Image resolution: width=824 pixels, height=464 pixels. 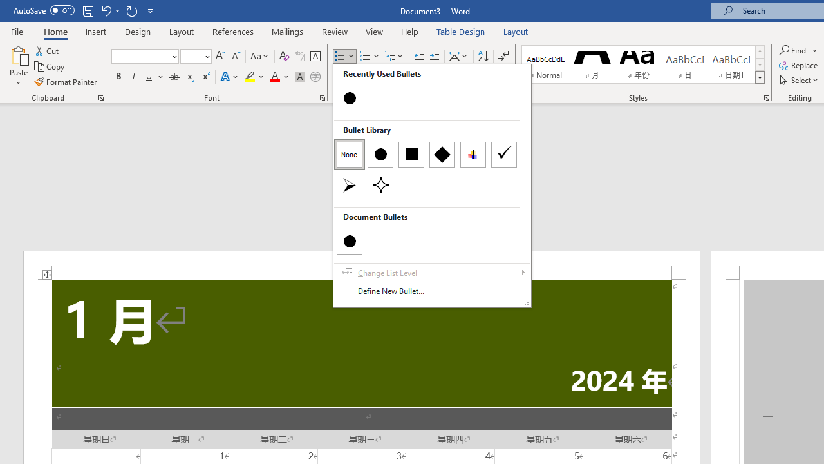 What do you see at coordinates (149, 77) in the screenshot?
I see `'Underline'` at bounding box center [149, 77].